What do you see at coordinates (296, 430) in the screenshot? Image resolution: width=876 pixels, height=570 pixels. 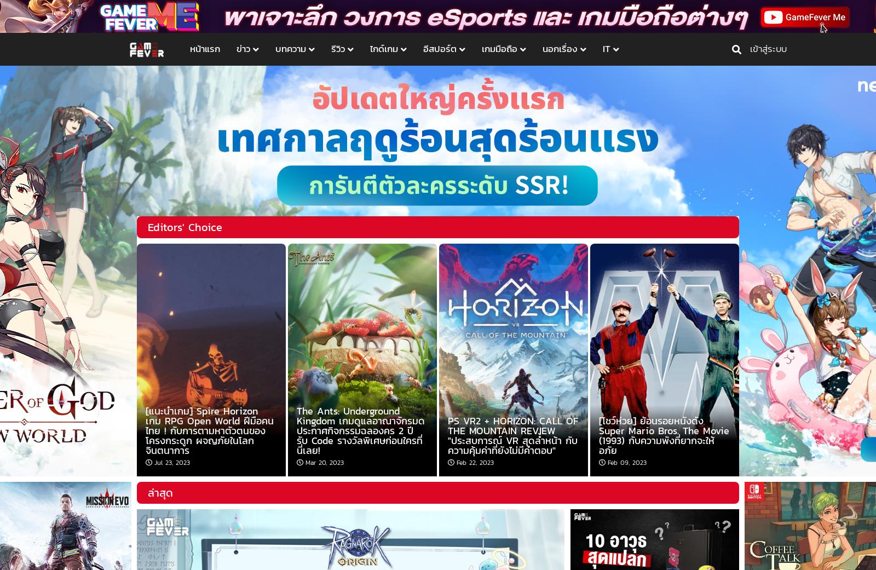 I see `'The Ants: Underground Kingdom เกมดูแลอาณาจักรมด ประกาศกิจกรรมฉลองคร 2 ปี รับ Code รางวัลพิเศษก่อนใครที่นี่เลย!'` at bounding box center [296, 430].